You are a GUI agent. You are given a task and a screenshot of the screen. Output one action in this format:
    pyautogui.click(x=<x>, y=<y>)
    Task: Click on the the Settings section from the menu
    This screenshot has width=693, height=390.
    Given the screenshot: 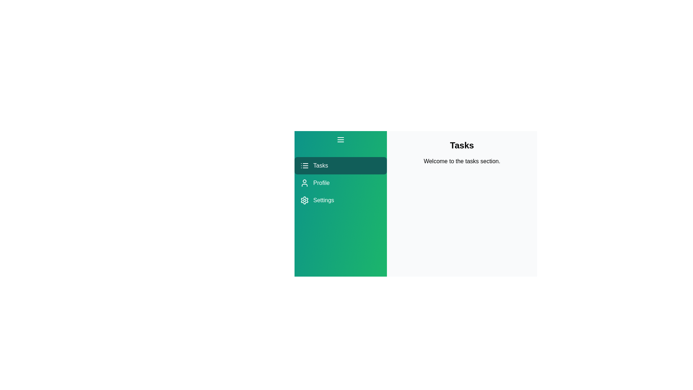 What is the action you would take?
    pyautogui.click(x=340, y=200)
    